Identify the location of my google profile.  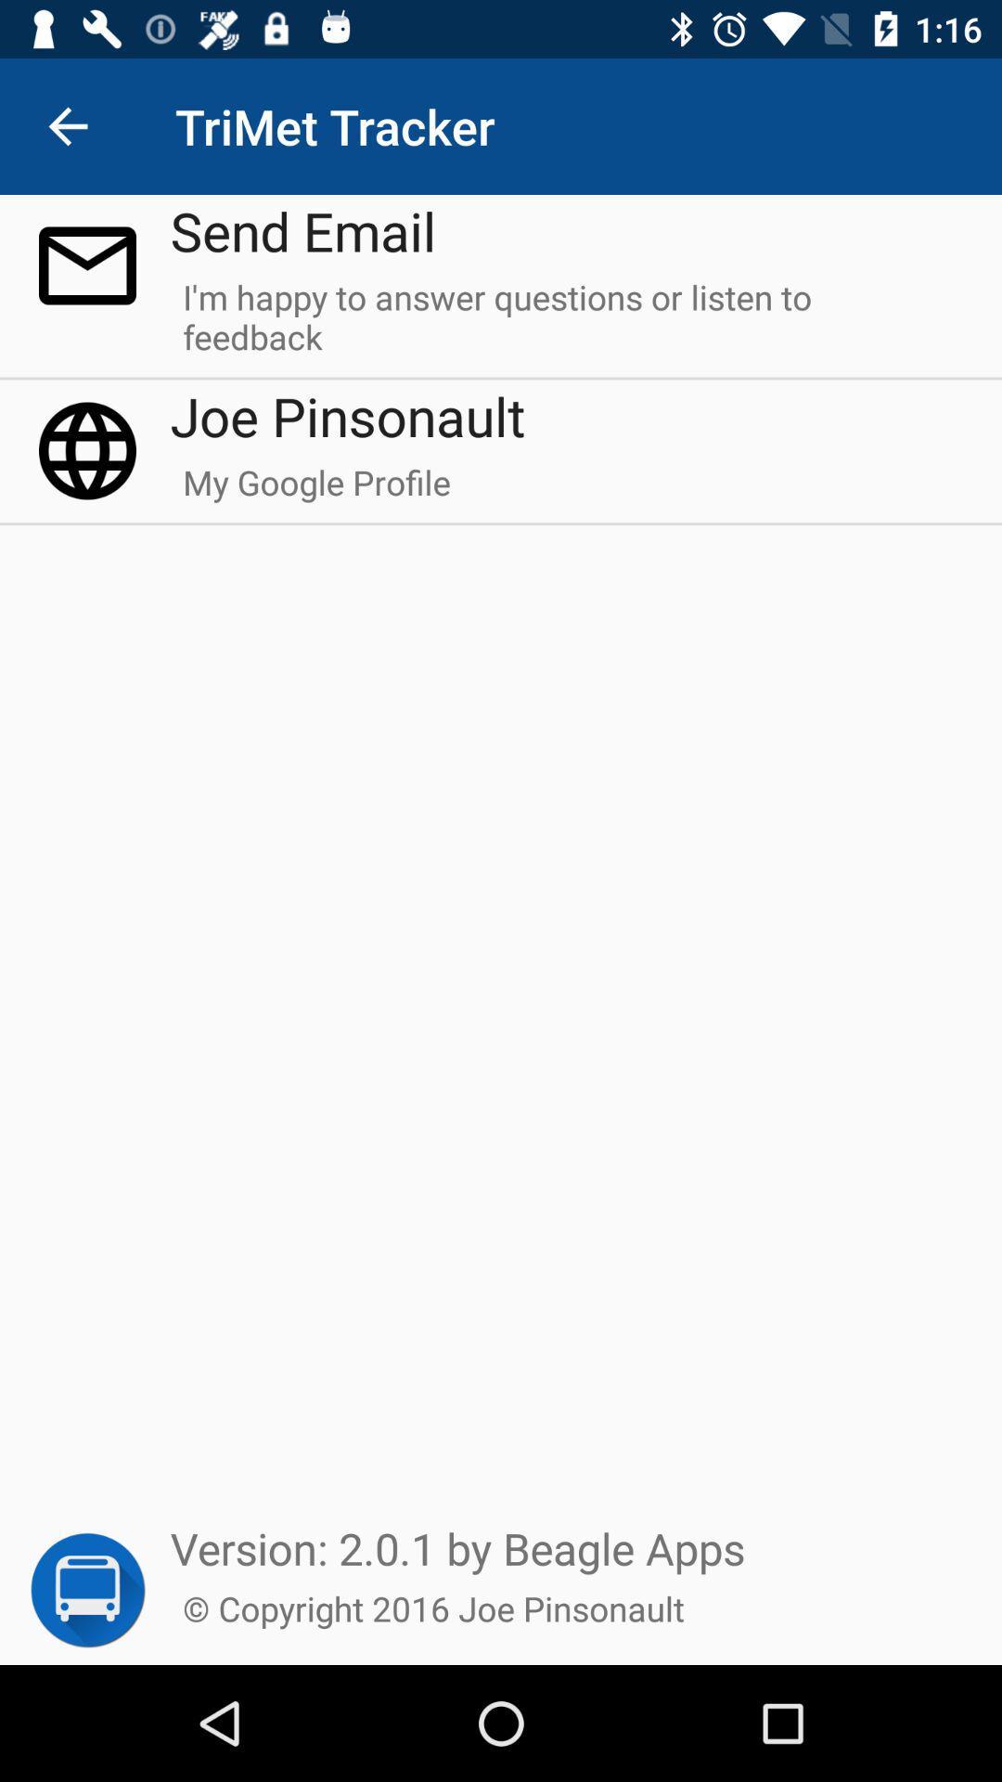
(315, 491).